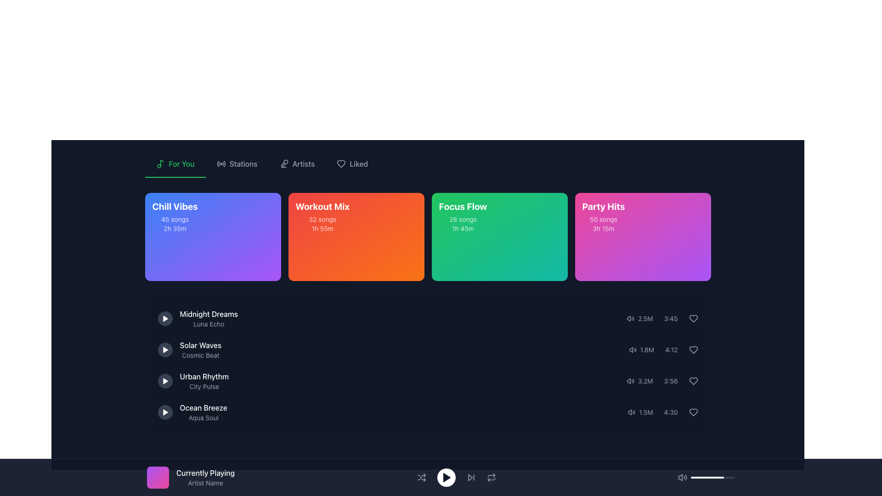 The image size is (882, 496). Describe the element at coordinates (646, 350) in the screenshot. I see `the text label displaying '1.8M', which is styled in light gray and positioned to the right of a volume icon, located beneath the 'Party Hits' card` at that location.